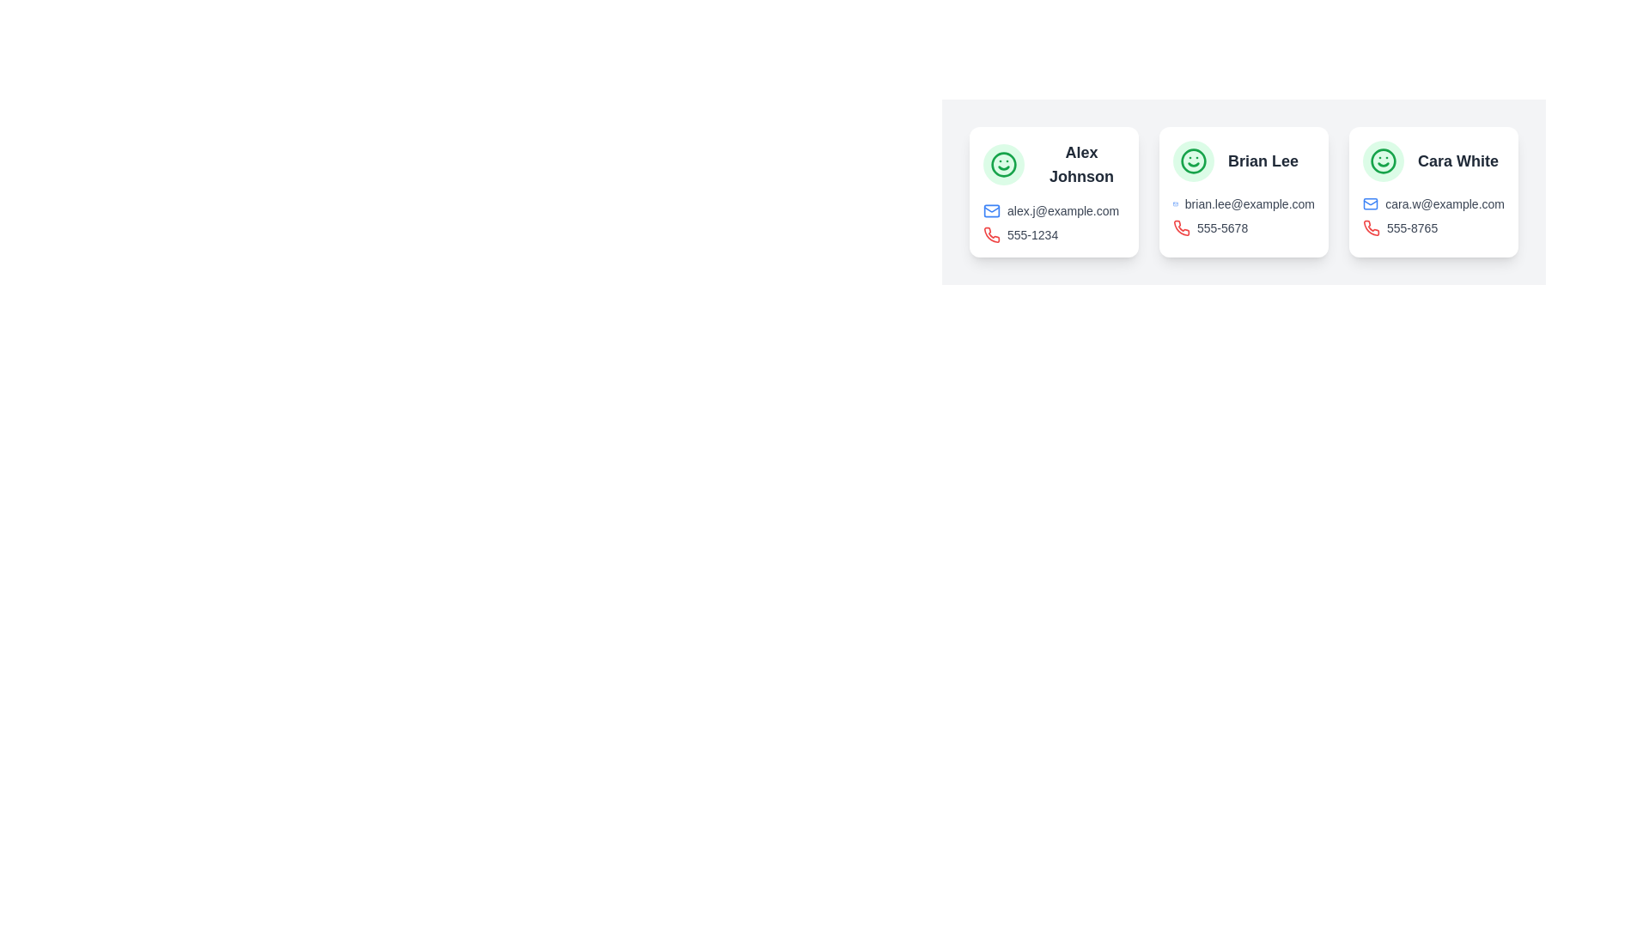  Describe the element at coordinates (1370, 203) in the screenshot. I see `the small, blue-colored mail icon styled as an outline located next to the email address 'cara.w@example.com' under the label 'Cara White'` at that location.